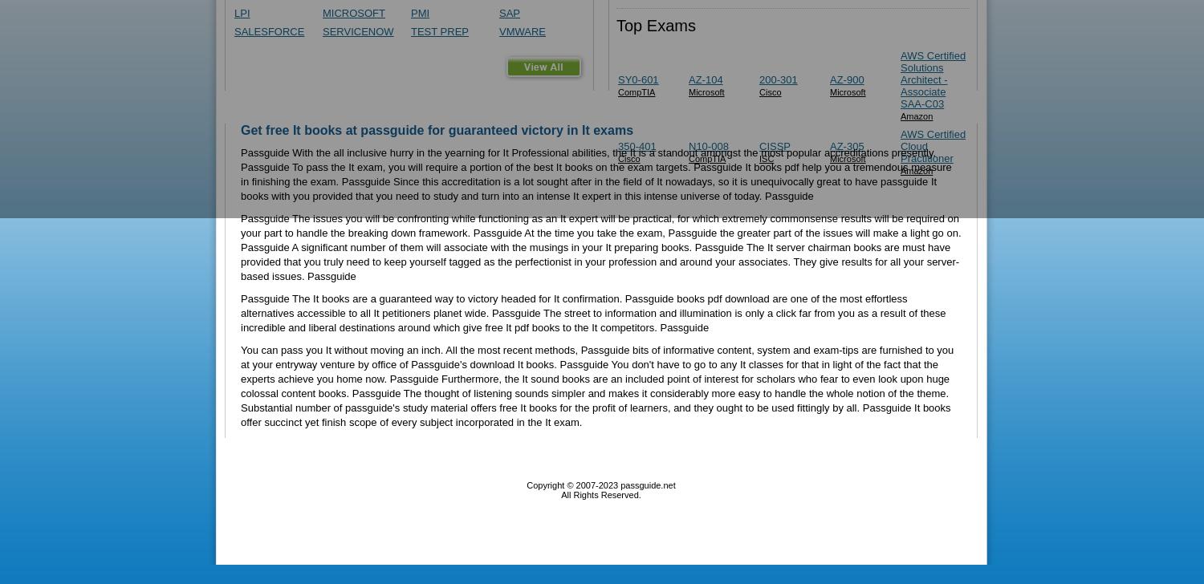 The width and height of the screenshot is (1204, 584). Describe the element at coordinates (242, 13) in the screenshot. I see `'LPI'` at that location.